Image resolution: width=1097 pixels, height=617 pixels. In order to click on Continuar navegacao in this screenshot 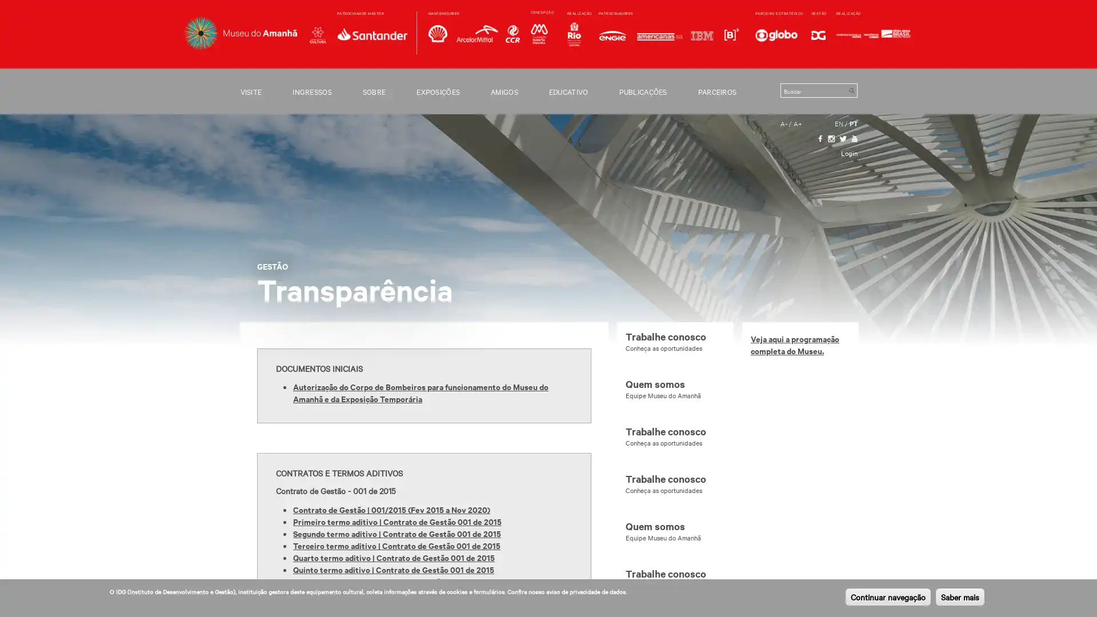, I will do `click(887, 596)`.